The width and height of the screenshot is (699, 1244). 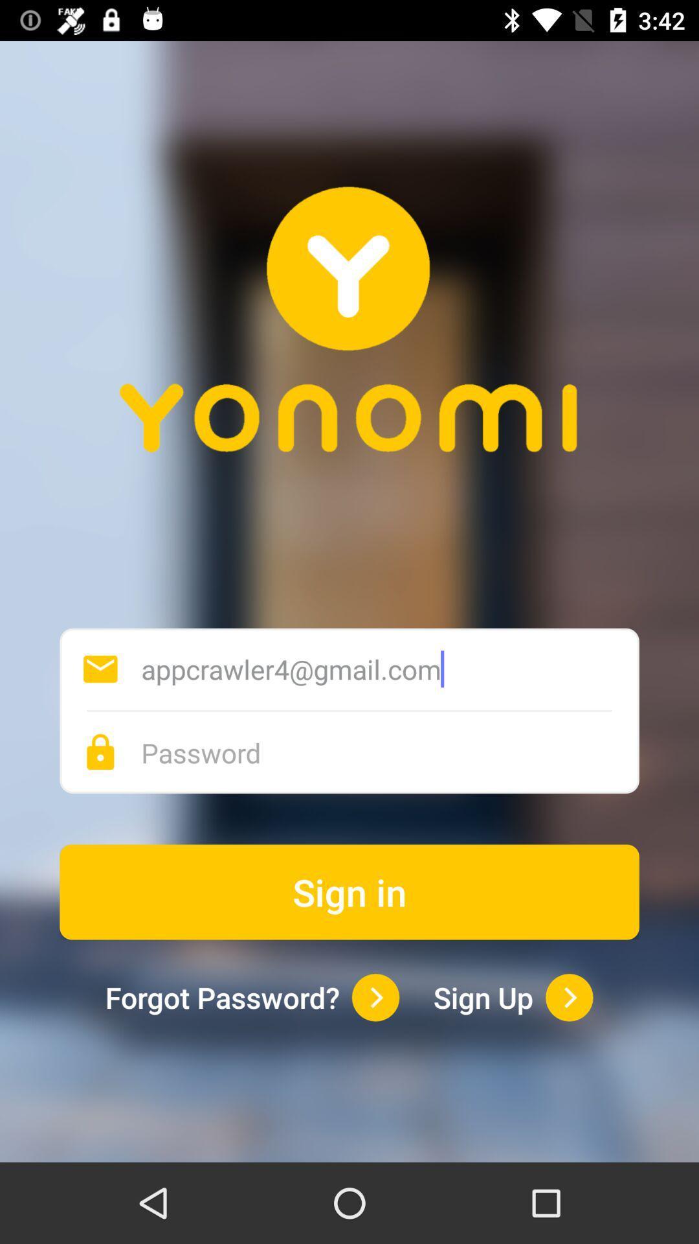 What do you see at coordinates (568, 996) in the screenshot?
I see `the arrow_forward icon` at bounding box center [568, 996].